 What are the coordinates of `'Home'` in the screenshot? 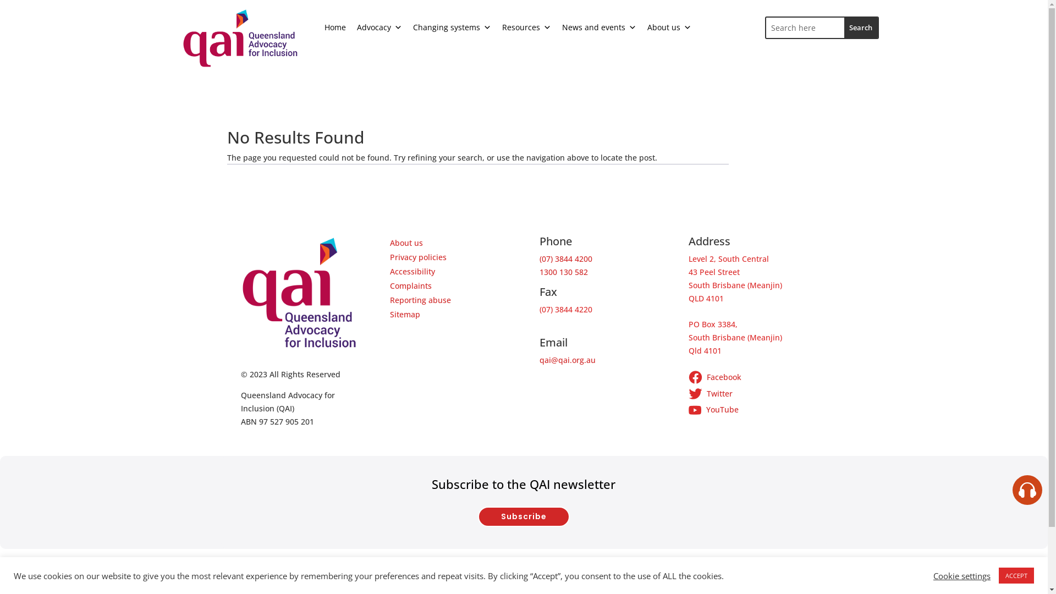 It's located at (334, 27).